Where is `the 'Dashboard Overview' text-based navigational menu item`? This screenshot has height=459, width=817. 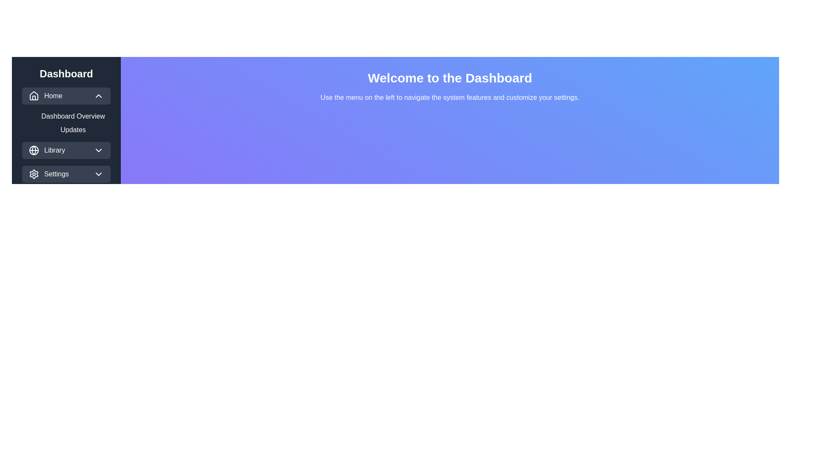
the 'Dashboard Overview' text-based navigational menu item is located at coordinates (73, 116).